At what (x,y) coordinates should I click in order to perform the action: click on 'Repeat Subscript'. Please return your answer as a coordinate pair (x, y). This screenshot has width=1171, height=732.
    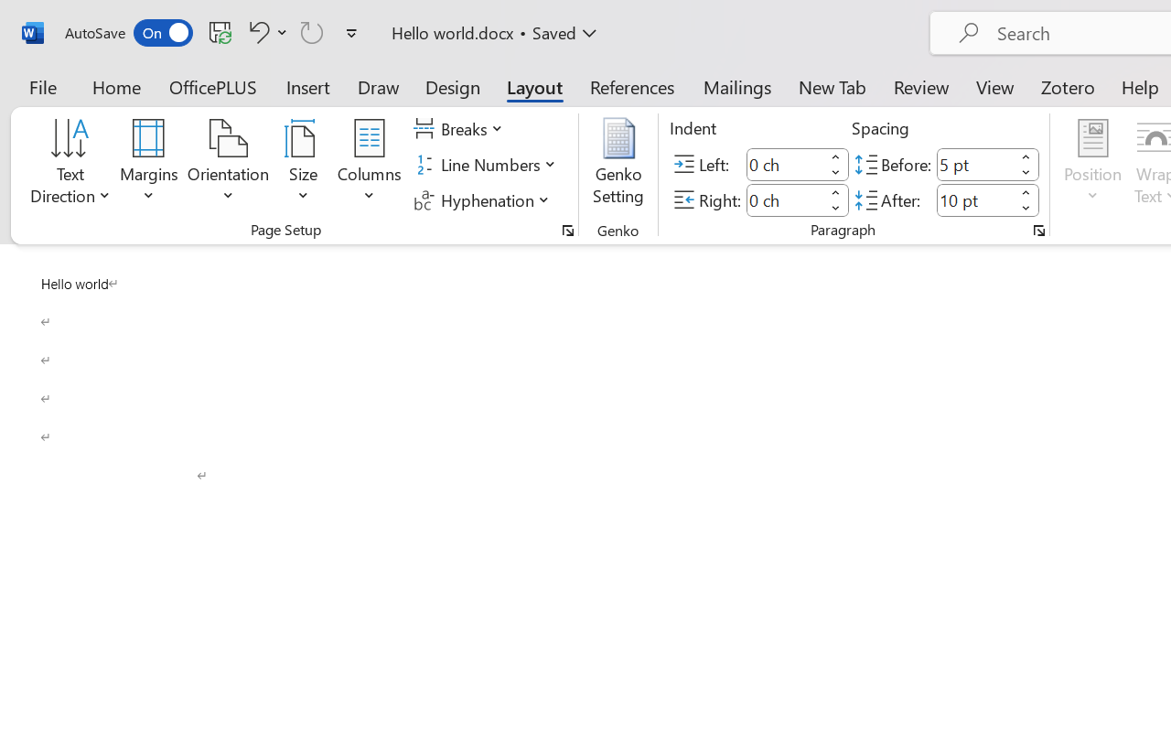
    Looking at the image, I should click on (312, 31).